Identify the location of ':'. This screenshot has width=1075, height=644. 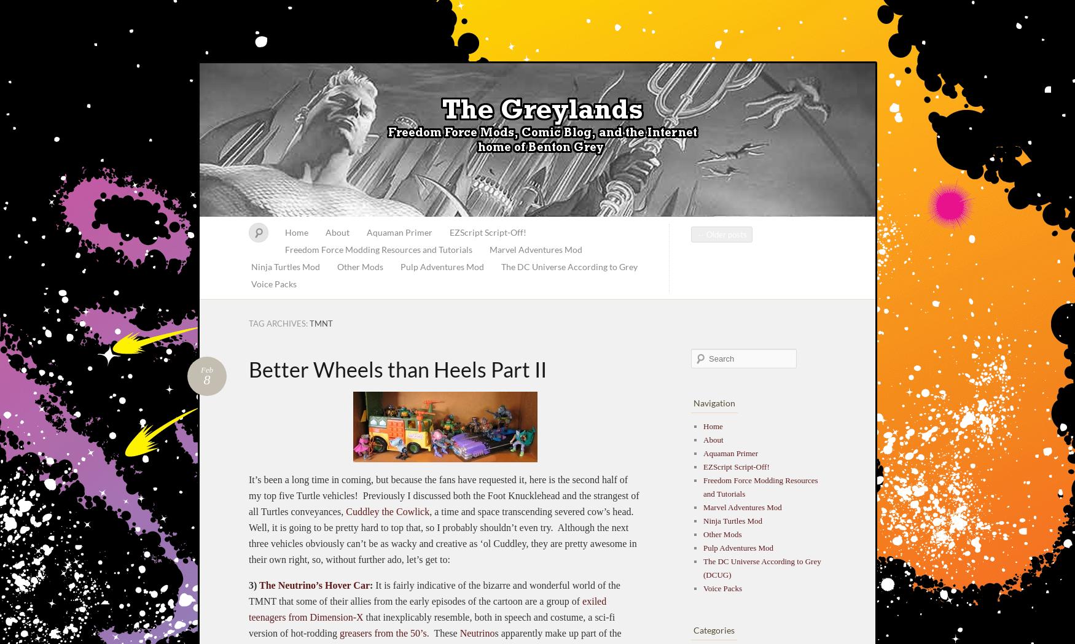
(370, 584).